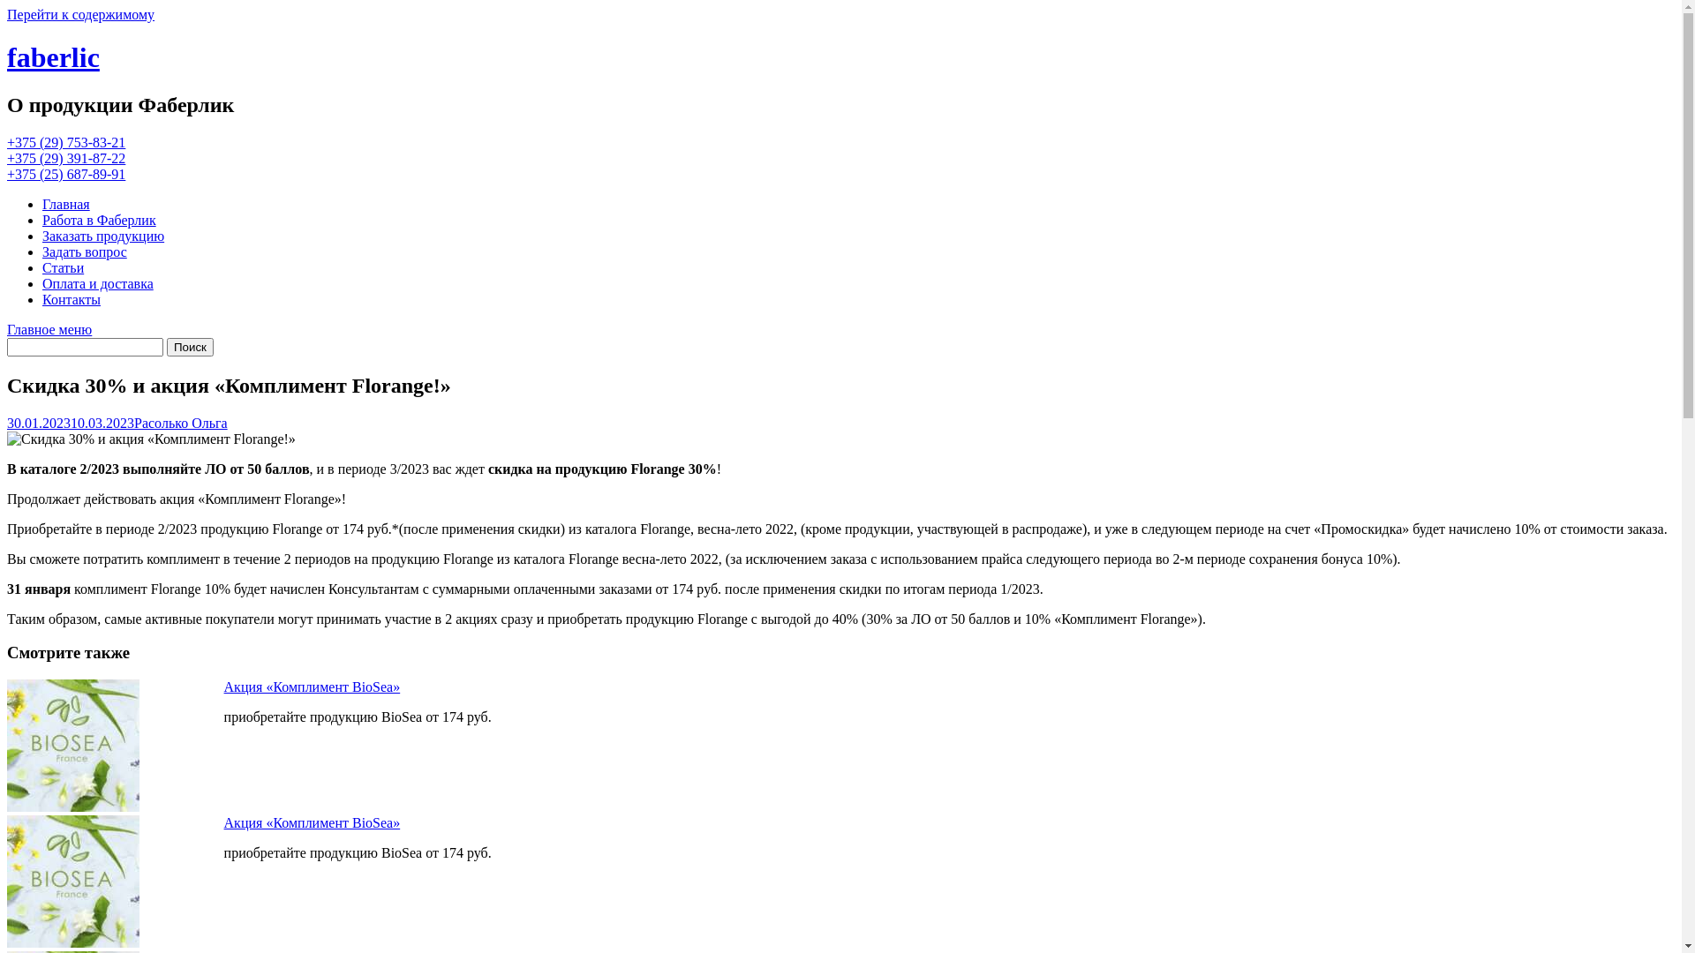 The image size is (1695, 953). I want to click on '+375 (29) 391-87-22', so click(66, 157).